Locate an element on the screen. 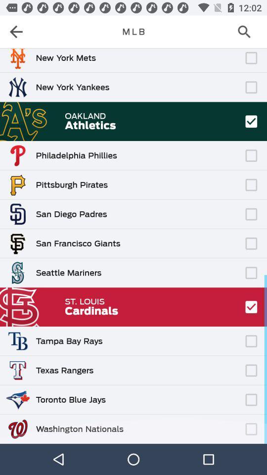 The height and width of the screenshot is (475, 267). the arrow_backward icon is located at coordinates (19, 32).